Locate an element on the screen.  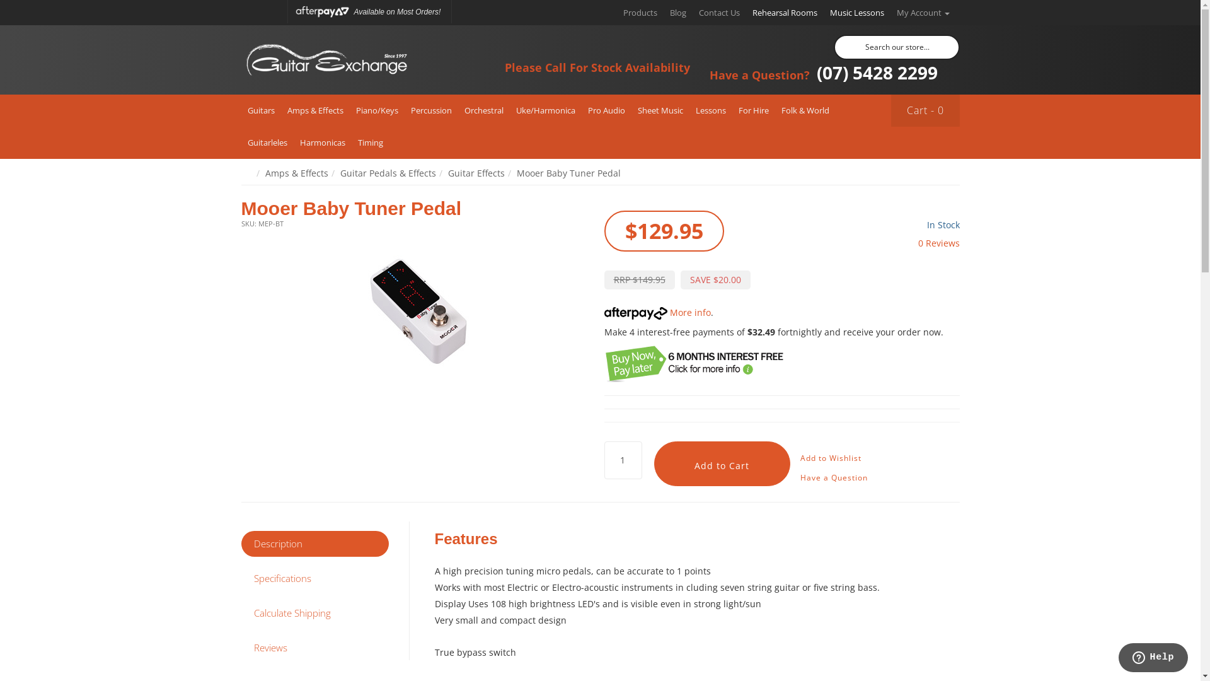
'Description' is located at coordinates (314, 543).